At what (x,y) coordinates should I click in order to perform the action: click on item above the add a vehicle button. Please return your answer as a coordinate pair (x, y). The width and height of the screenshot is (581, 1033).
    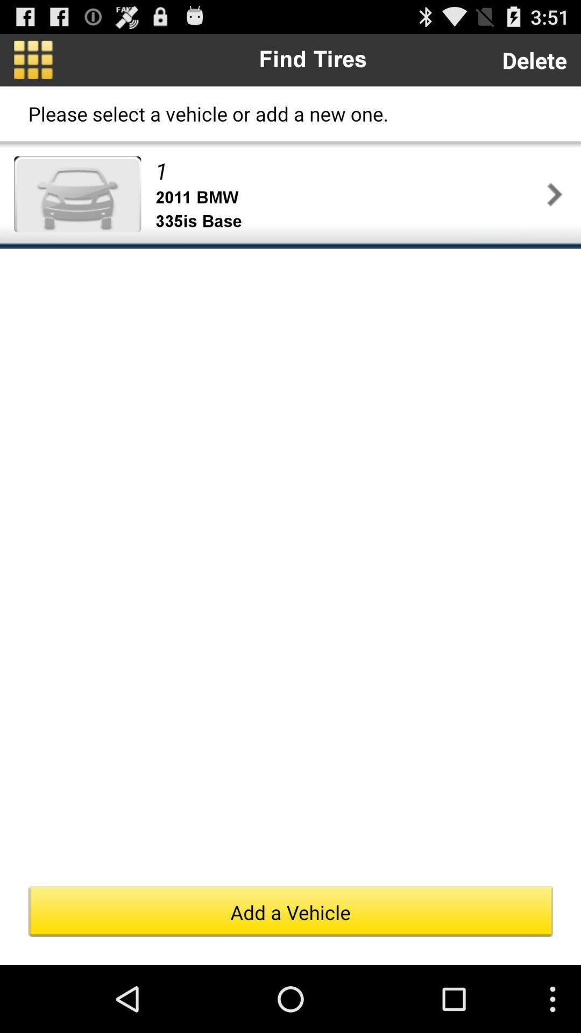
    Looking at the image, I should click on (77, 194).